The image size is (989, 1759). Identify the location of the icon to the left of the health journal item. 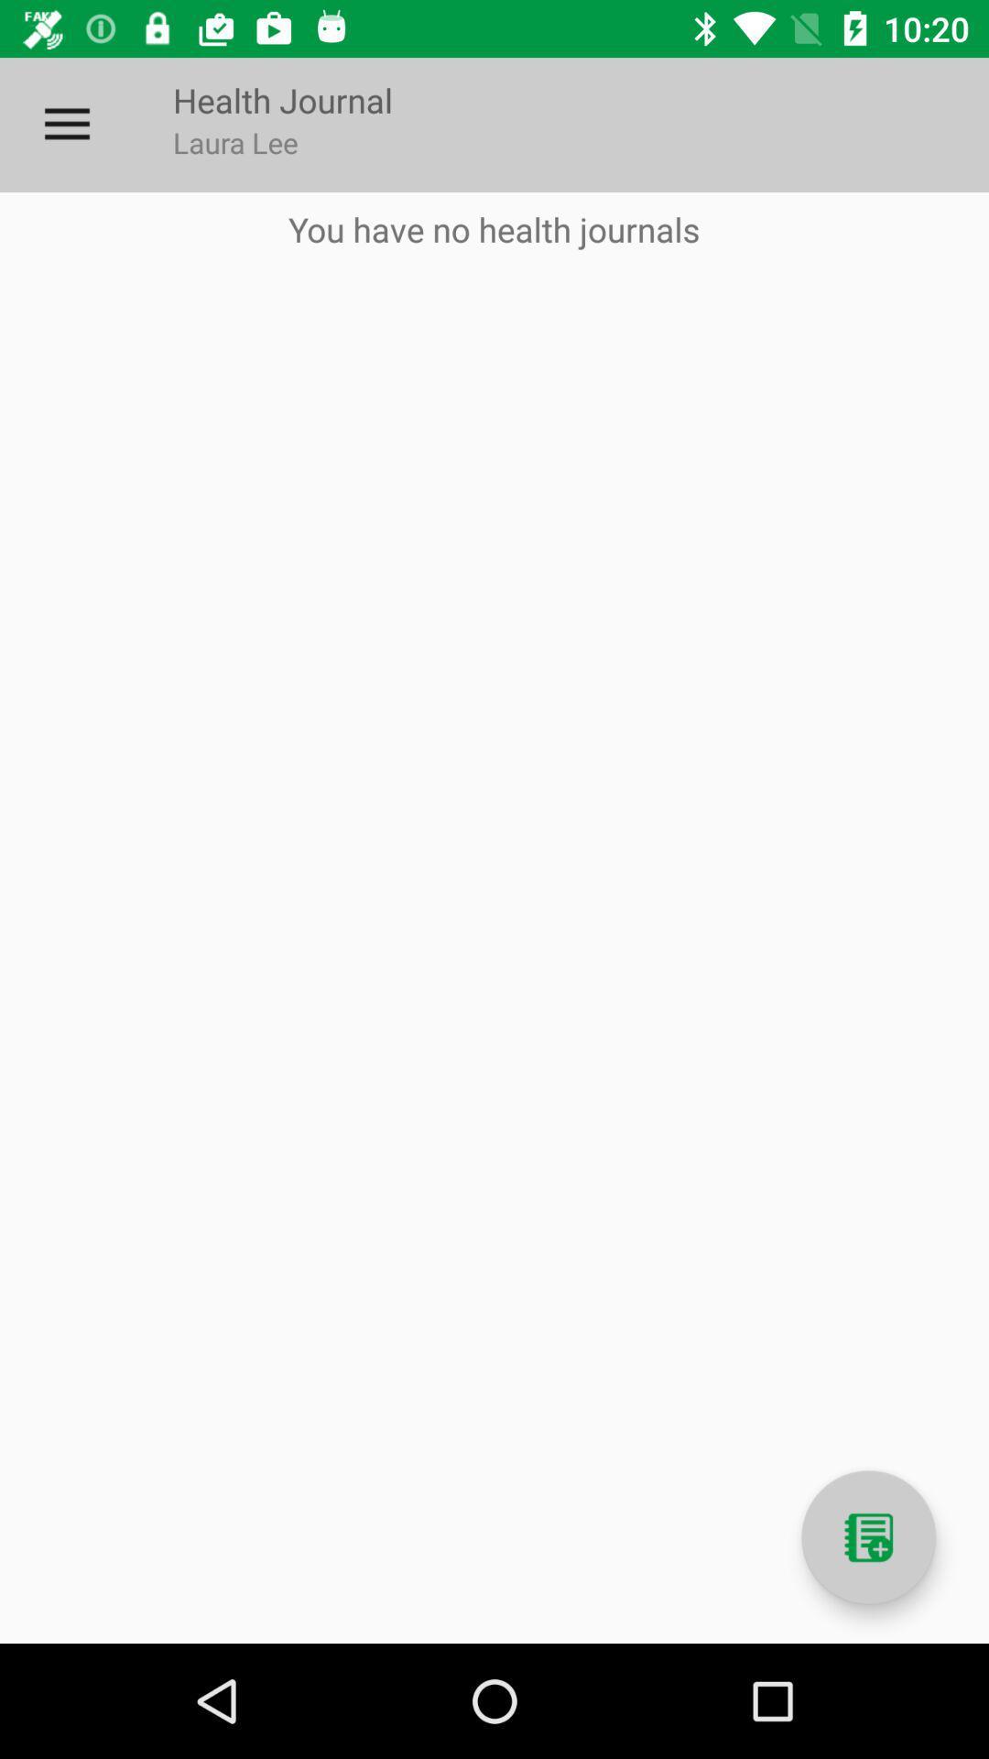
(66, 124).